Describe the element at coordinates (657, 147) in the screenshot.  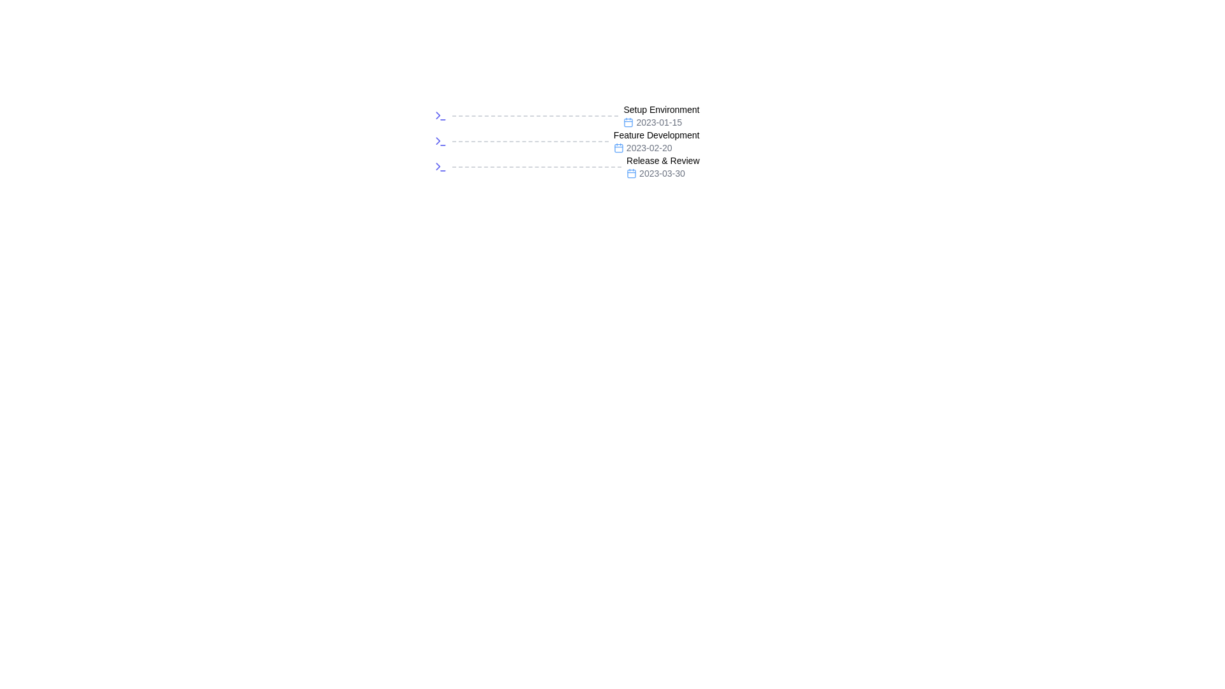
I see `the label displaying the date associated with the task or event, located to the right of 'Feature Development' in the second row of the vertical list` at that location.